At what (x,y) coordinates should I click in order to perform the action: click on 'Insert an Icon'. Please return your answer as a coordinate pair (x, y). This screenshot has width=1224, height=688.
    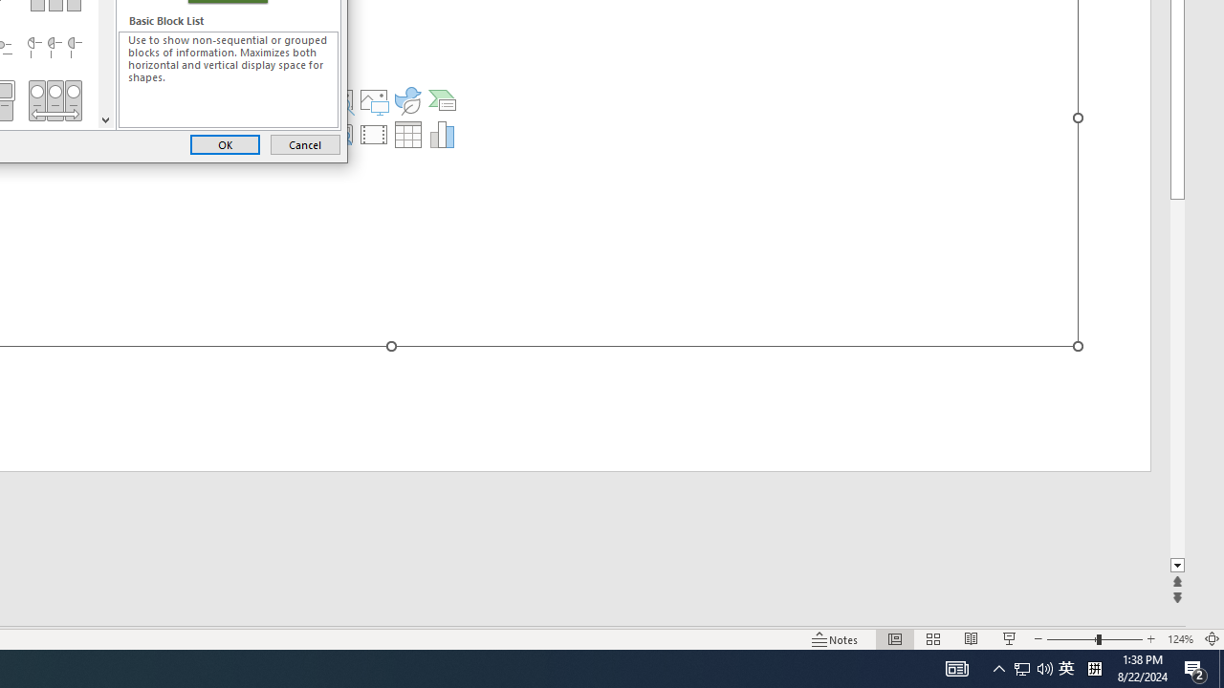
    Looking at the image, I should click on (406, 100).